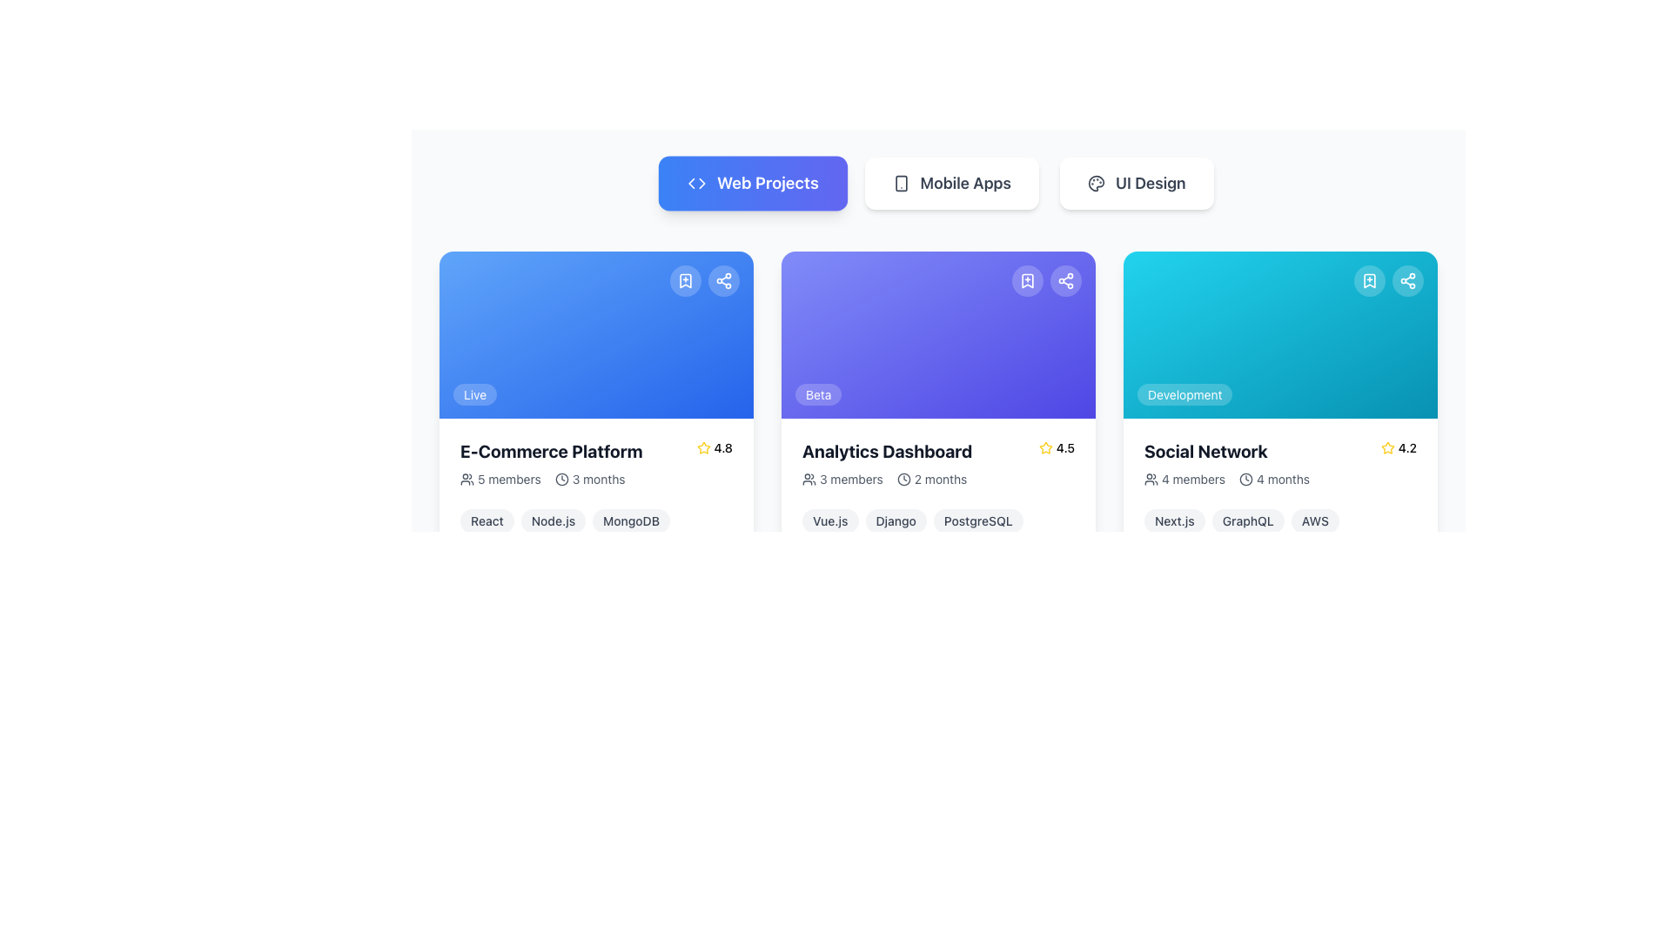 Image resolution: width=1671 pixels, height=940 pixels. I want to click on the interactive tags in the Component tag group representing 'Vue.js', 'Django', and 'PostgreSQL' located in the 'Analytics Dashboard' card, positioned under the '3 members | 2 months' line, so click(937, 520).